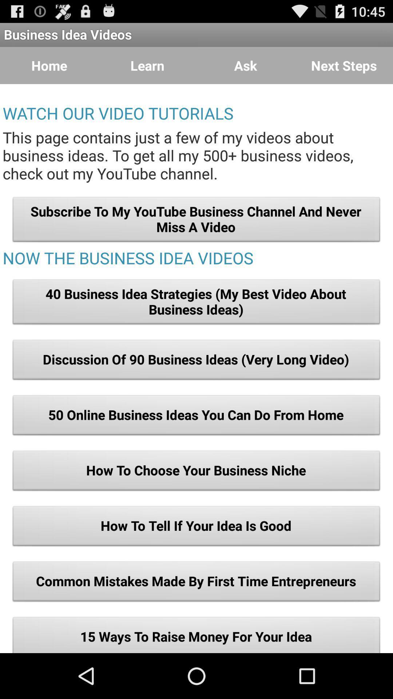 The width and height of the screenshot is (393, 699). What do you see at coordinates (147, 66) in the screenshot?
I see `the button next to the home icon` at bounding box center [147, 66].